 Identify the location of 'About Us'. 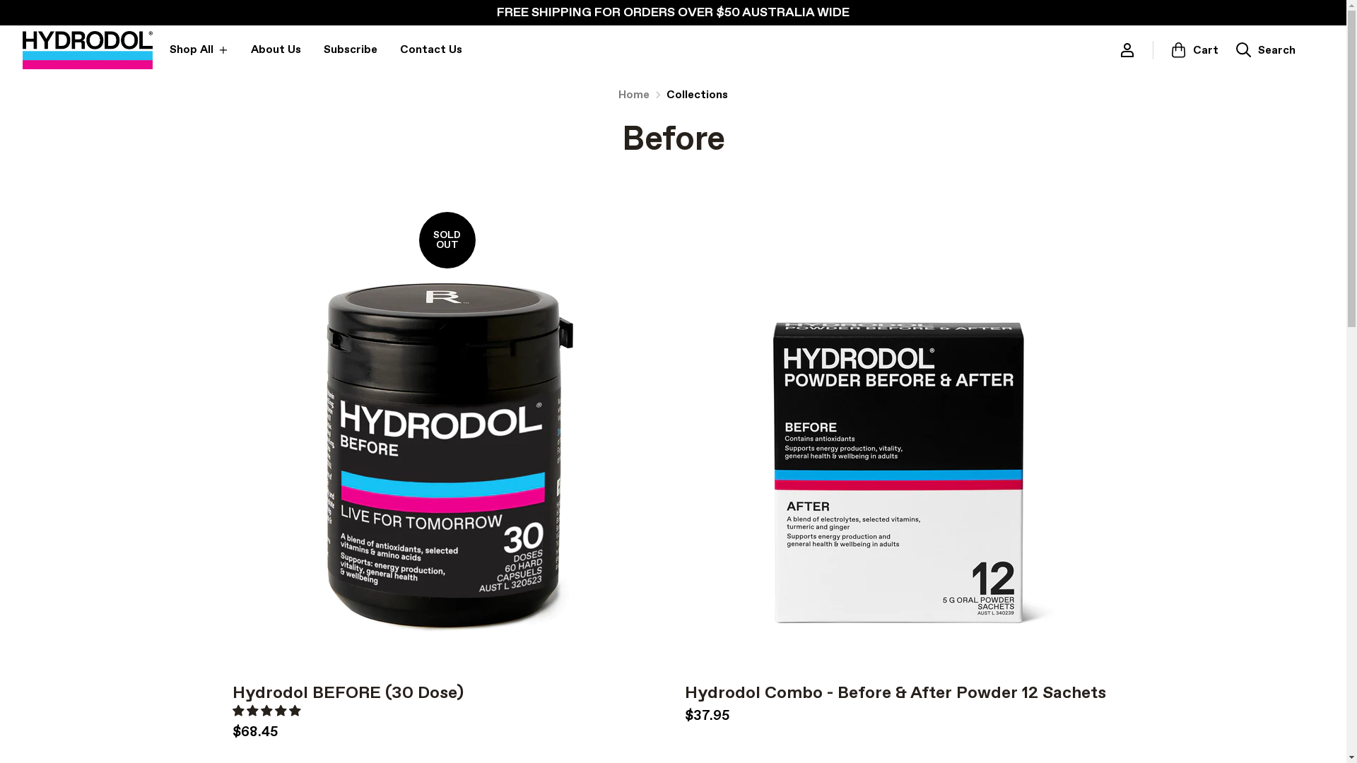
(276, 49).